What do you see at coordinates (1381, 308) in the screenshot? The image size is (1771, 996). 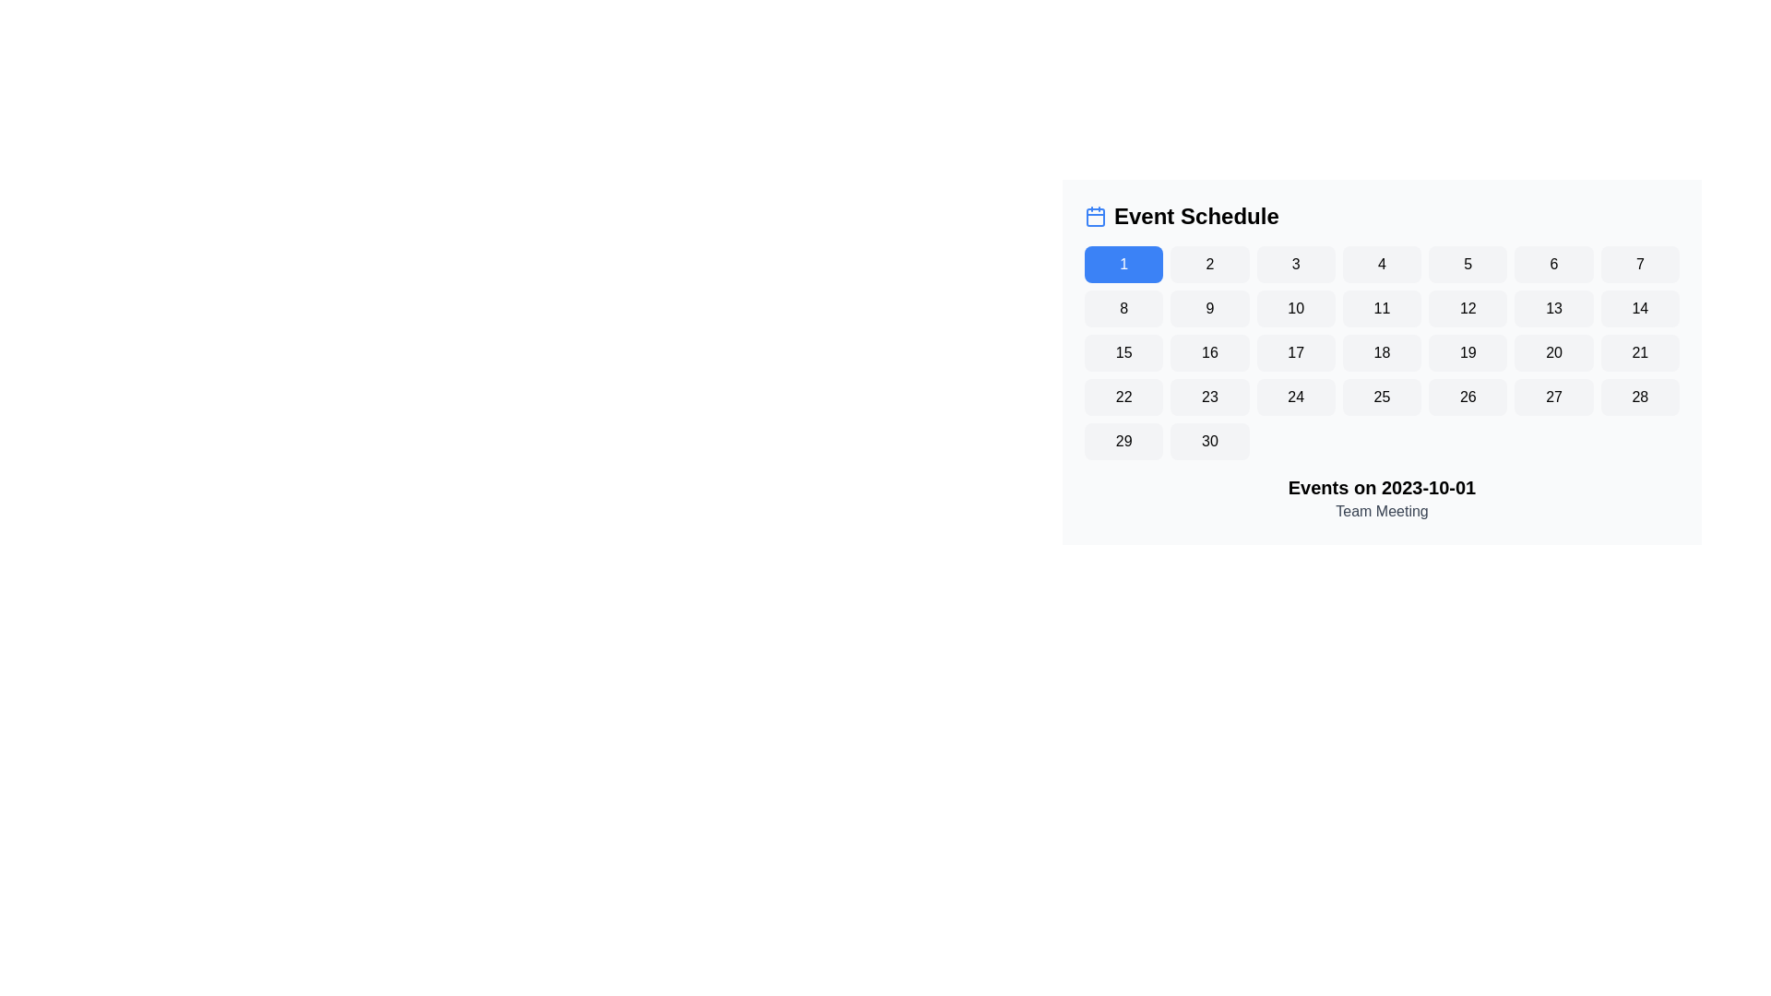 I see `the square button with rounded edges displaying '11' in bold text` at bounding box center [1381, 308].